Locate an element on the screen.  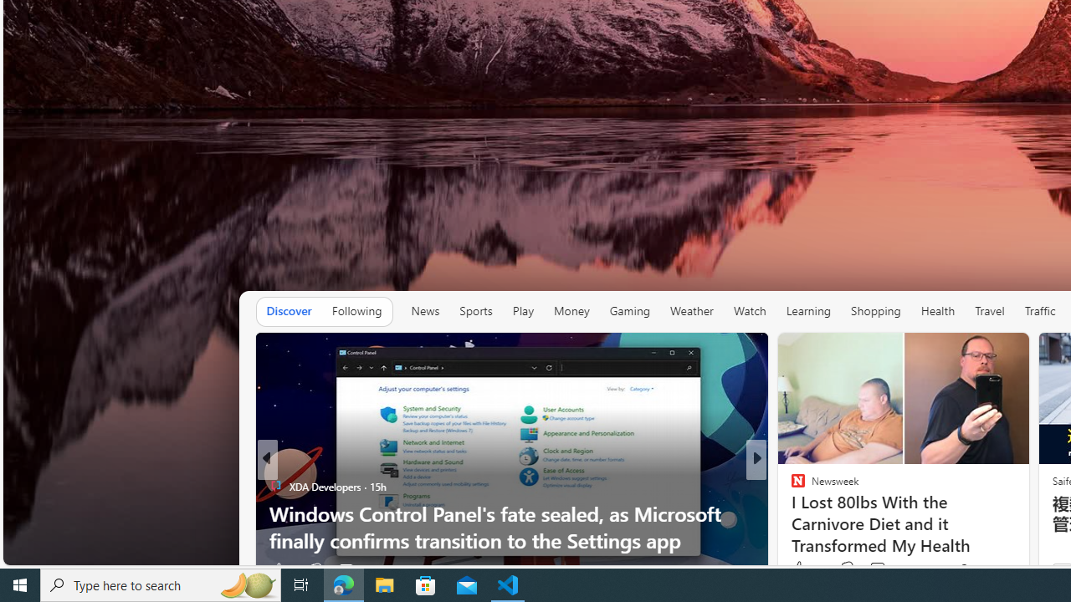
'Shopping' is located at coordinates (875, 311).